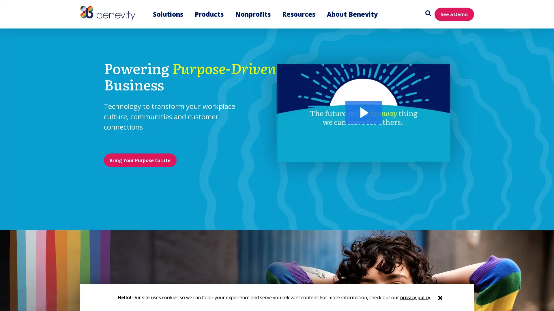  What do you see at coordinates (544, 227) in the screenshot?
I see `Close` at bounding box center [544, 227].